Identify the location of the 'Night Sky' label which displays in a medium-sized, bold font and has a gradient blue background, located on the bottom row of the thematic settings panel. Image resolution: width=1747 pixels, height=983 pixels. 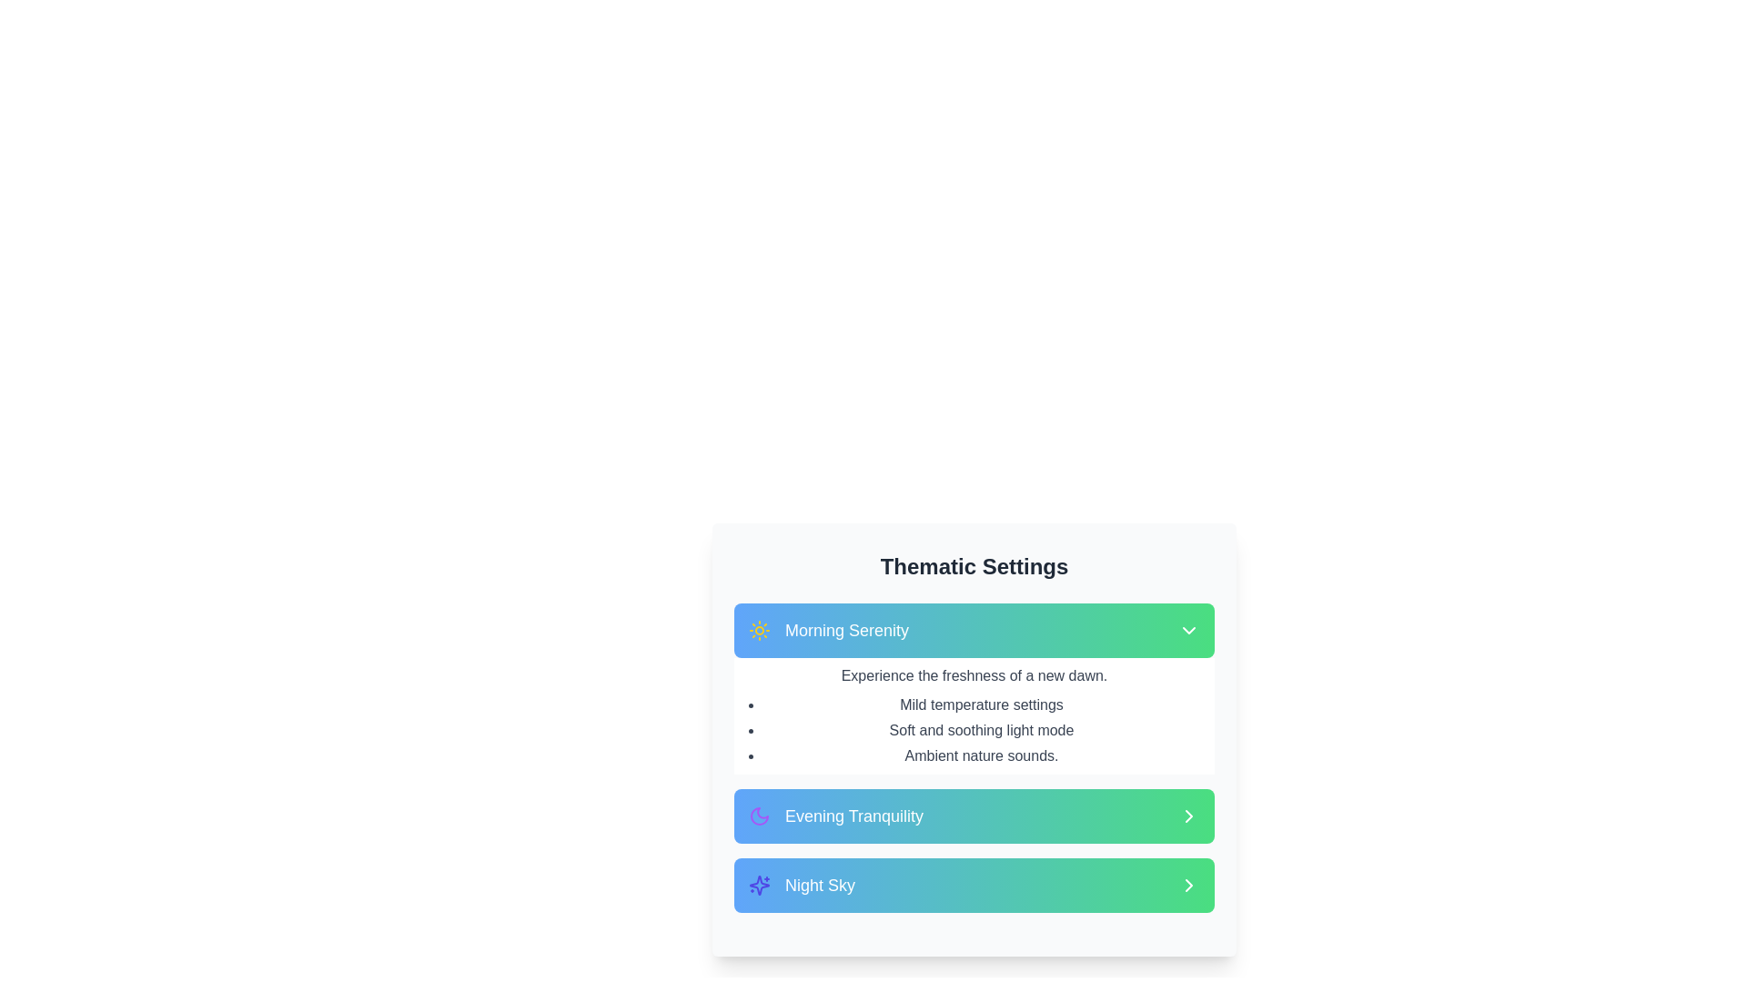
(819, 884).